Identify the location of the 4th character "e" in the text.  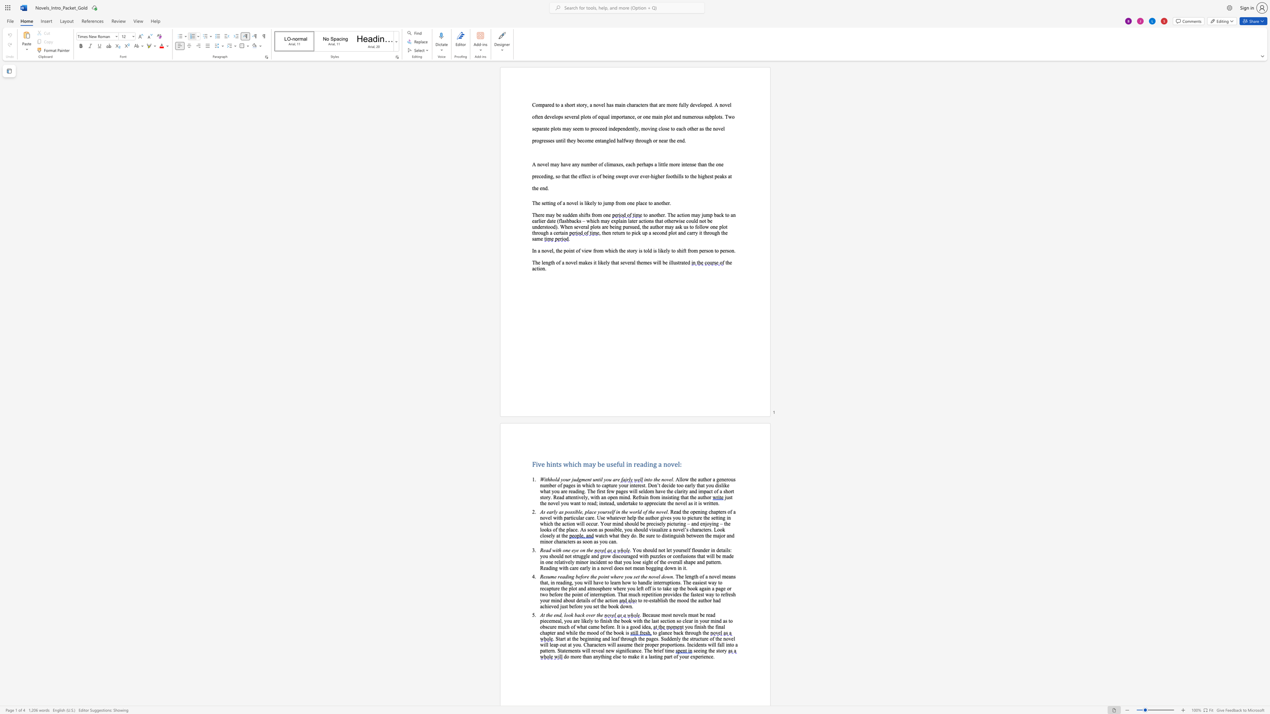
(579, 577).